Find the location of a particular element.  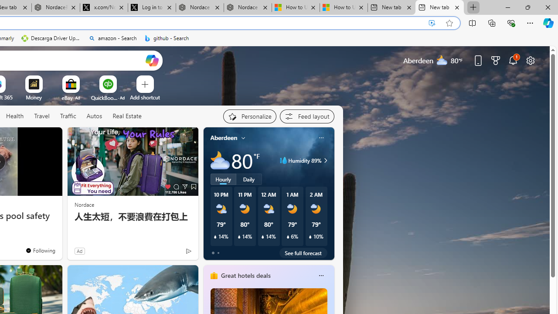

'See full forecast' is located at coordinates (303, 253).